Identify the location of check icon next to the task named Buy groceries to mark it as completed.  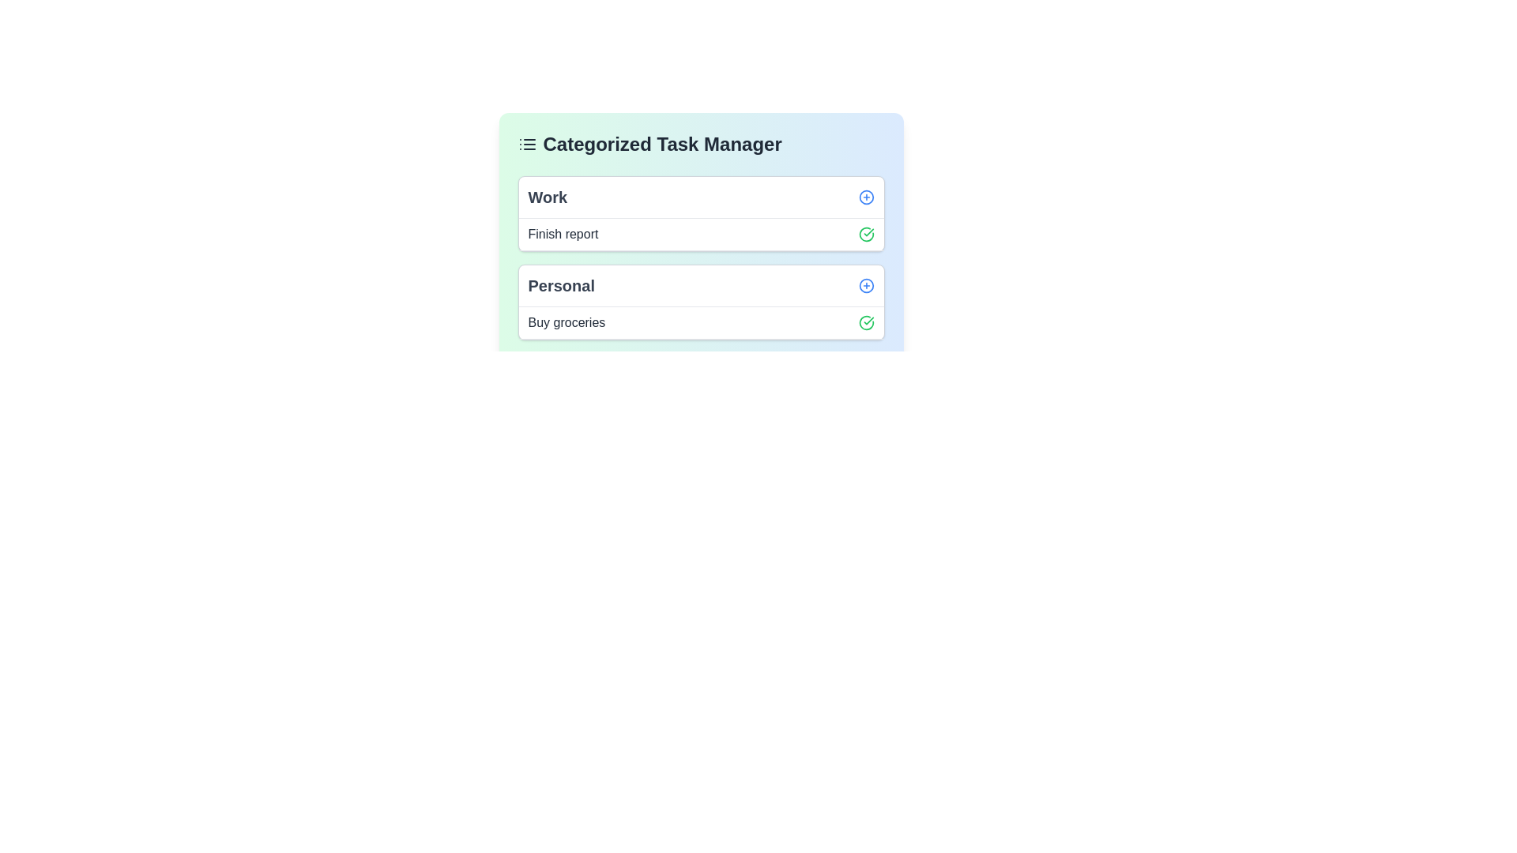
(865, 321).